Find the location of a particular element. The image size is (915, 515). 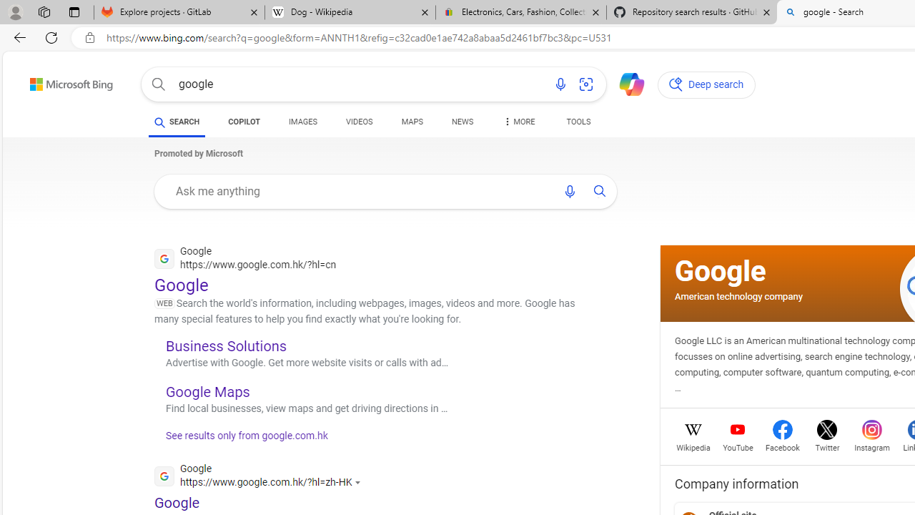

'NEWS' is located at coordinates (463, 123).